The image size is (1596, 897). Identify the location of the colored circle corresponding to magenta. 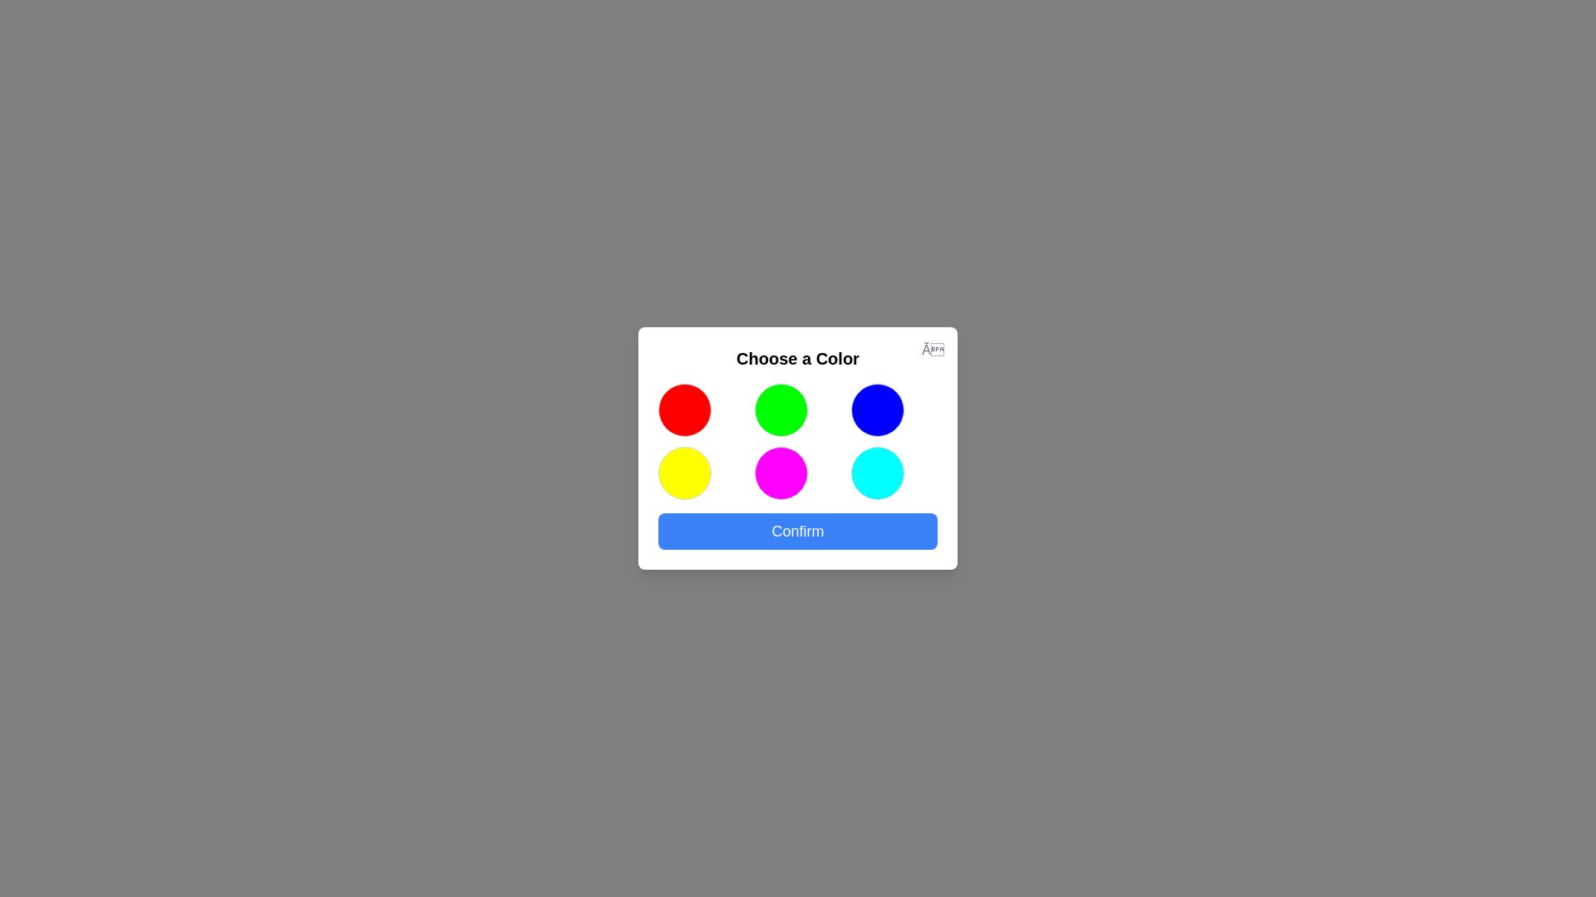
(781, 473).